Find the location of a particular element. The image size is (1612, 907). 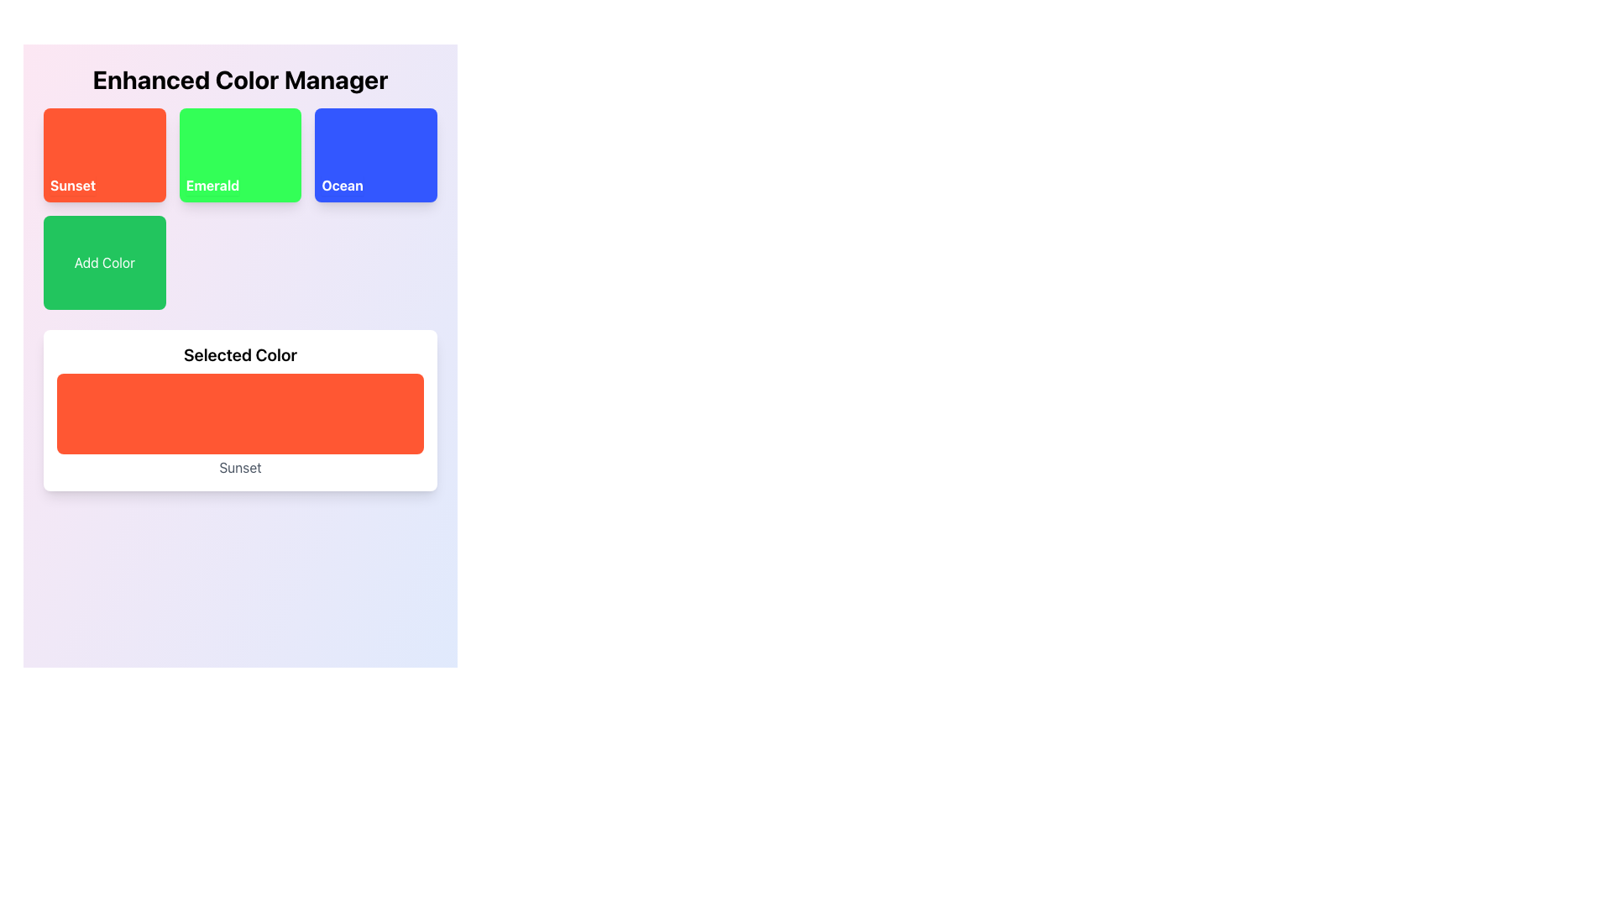

the leftmost color tile representing the 'Sunset' theme located in the top-left region of the grid layout is located at coordinates (103, 155).